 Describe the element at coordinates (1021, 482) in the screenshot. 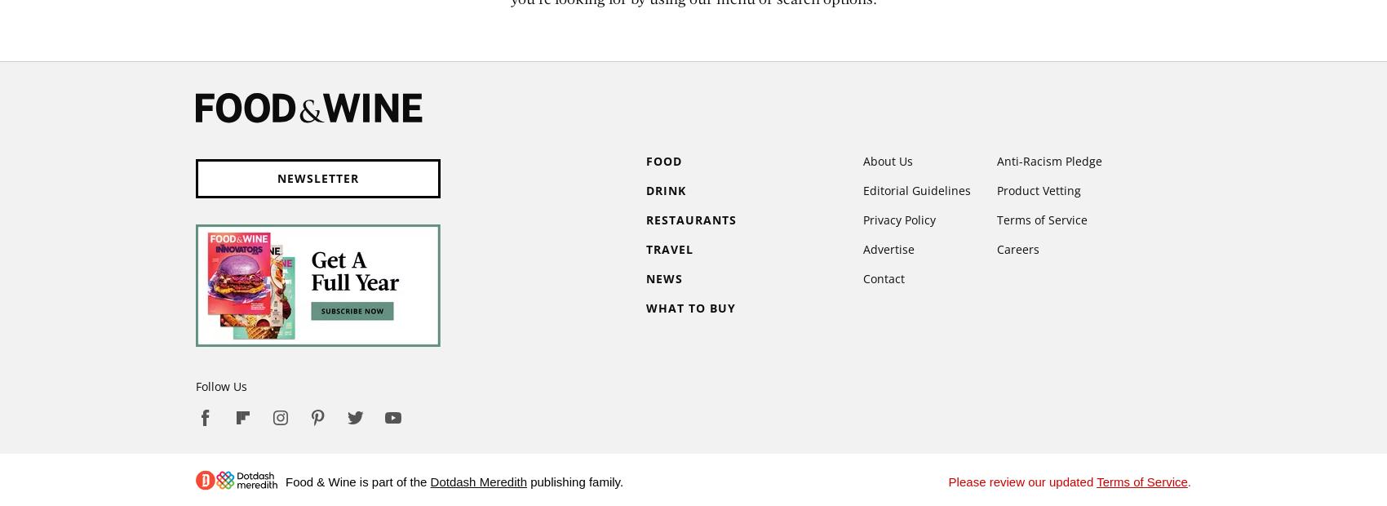

I see `'Please review our updated'` at that location.